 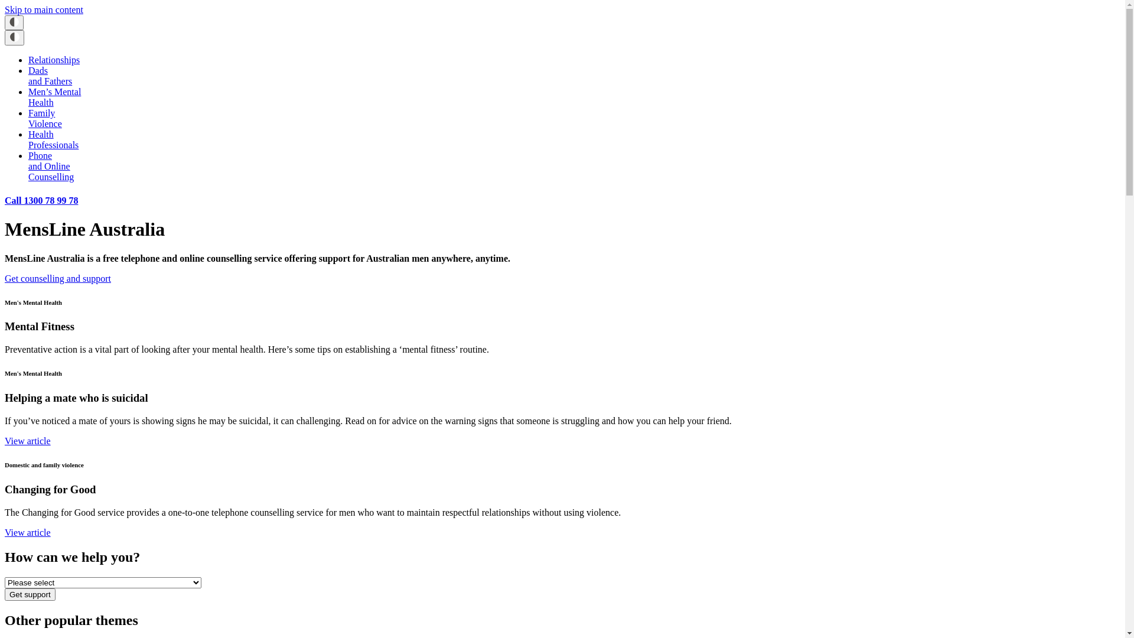 I want to click on 'Family, so click(x=45, y=118).